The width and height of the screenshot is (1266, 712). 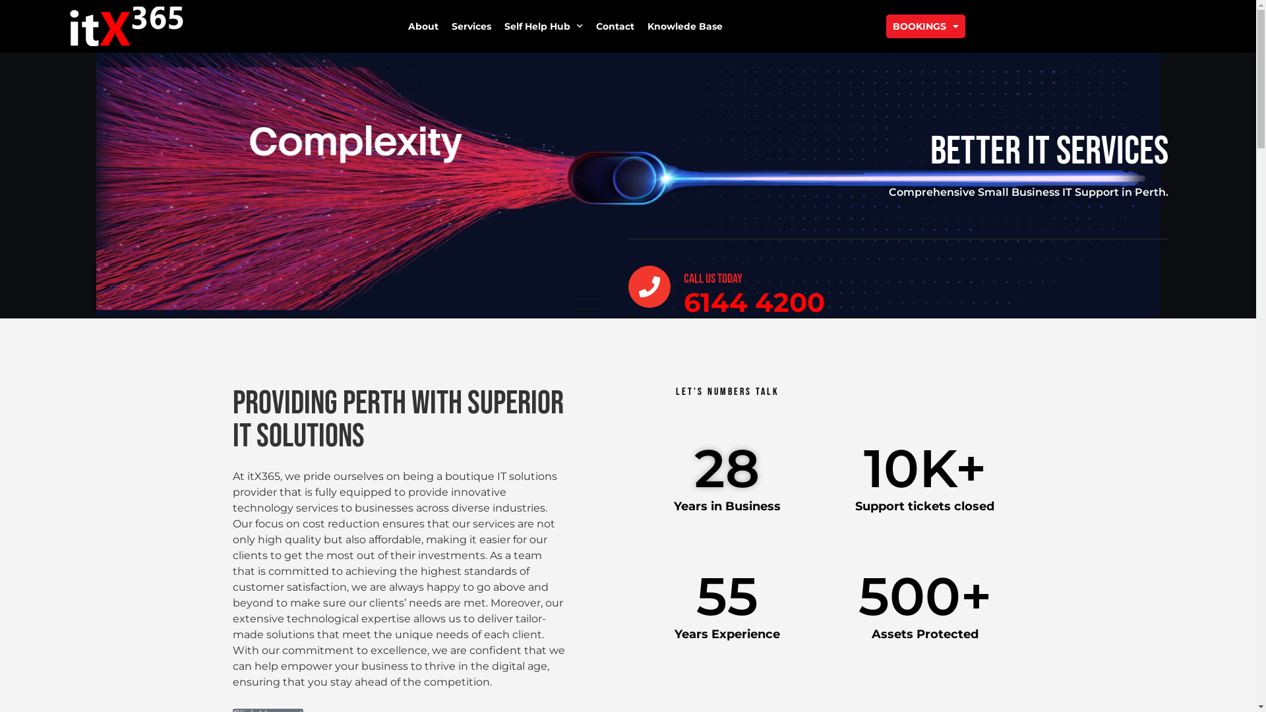 I want to click on 'BOOKINGS', so click(x=924, y=26).